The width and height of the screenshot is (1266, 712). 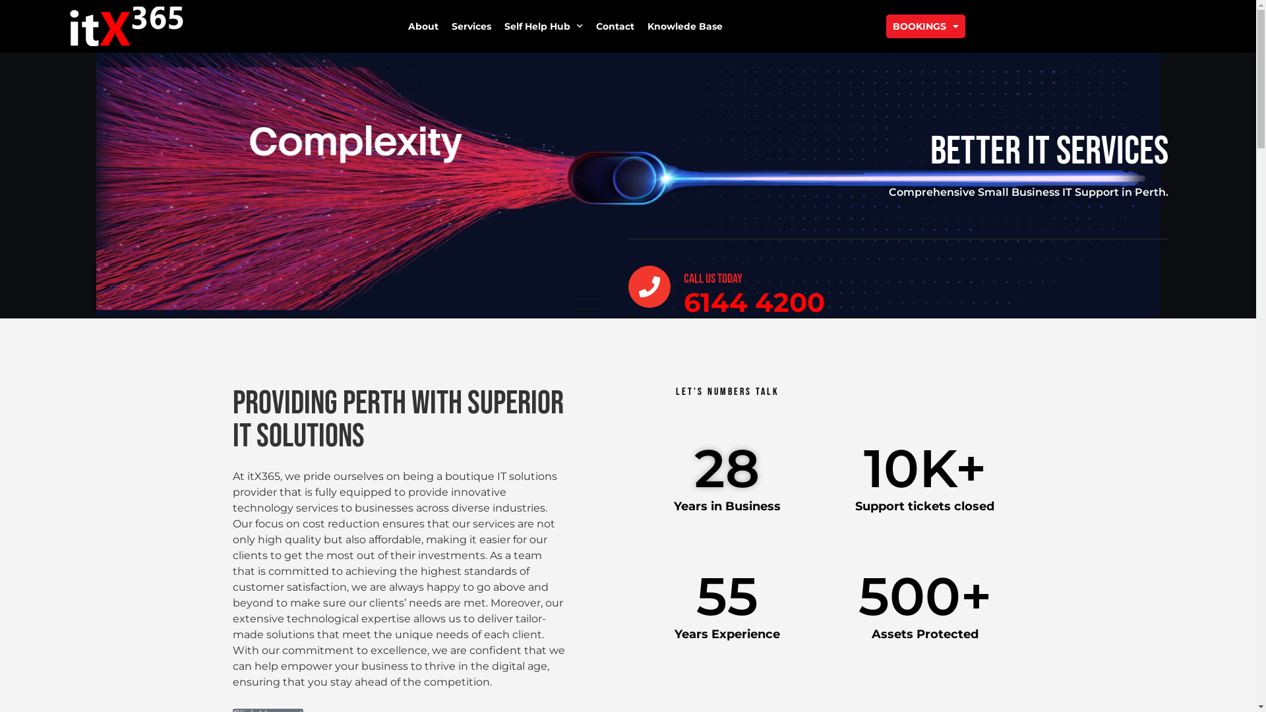 I want to click on 'BOOKINGS', so click(x=924, y=26).